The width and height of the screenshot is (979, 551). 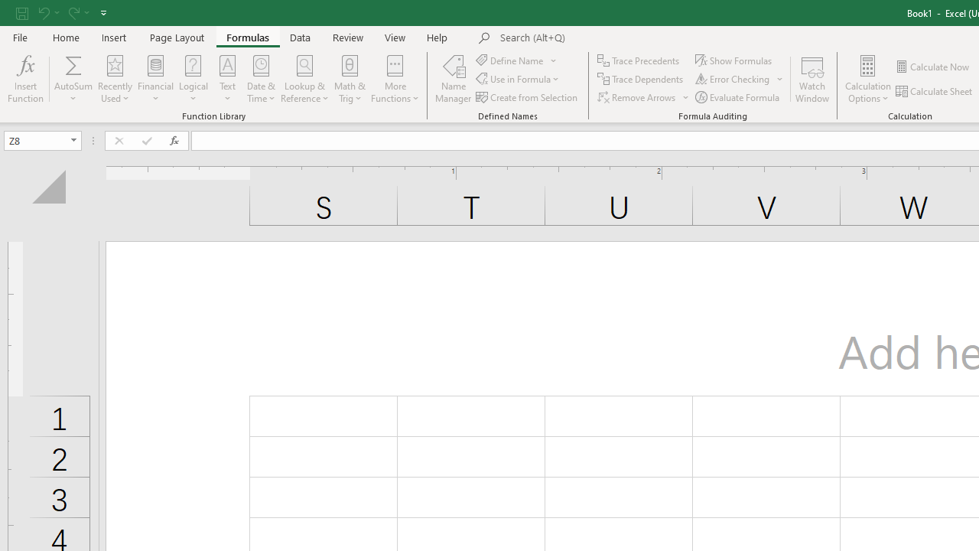 I want to click on 'Calculate Now', so click(x=932, y=66).